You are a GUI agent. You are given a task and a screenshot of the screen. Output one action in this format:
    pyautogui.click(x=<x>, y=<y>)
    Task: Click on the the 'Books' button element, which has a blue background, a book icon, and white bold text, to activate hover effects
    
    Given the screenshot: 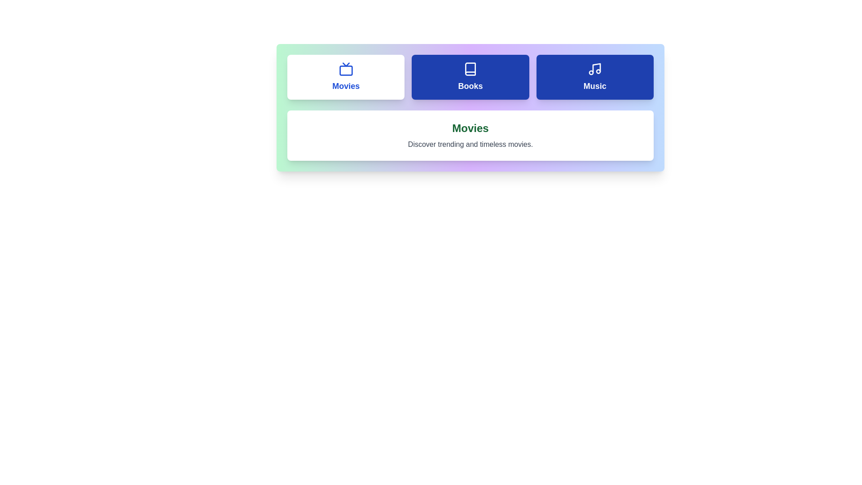 What is the action you would take?
    pyautogui.click(x=470, y=77)
    